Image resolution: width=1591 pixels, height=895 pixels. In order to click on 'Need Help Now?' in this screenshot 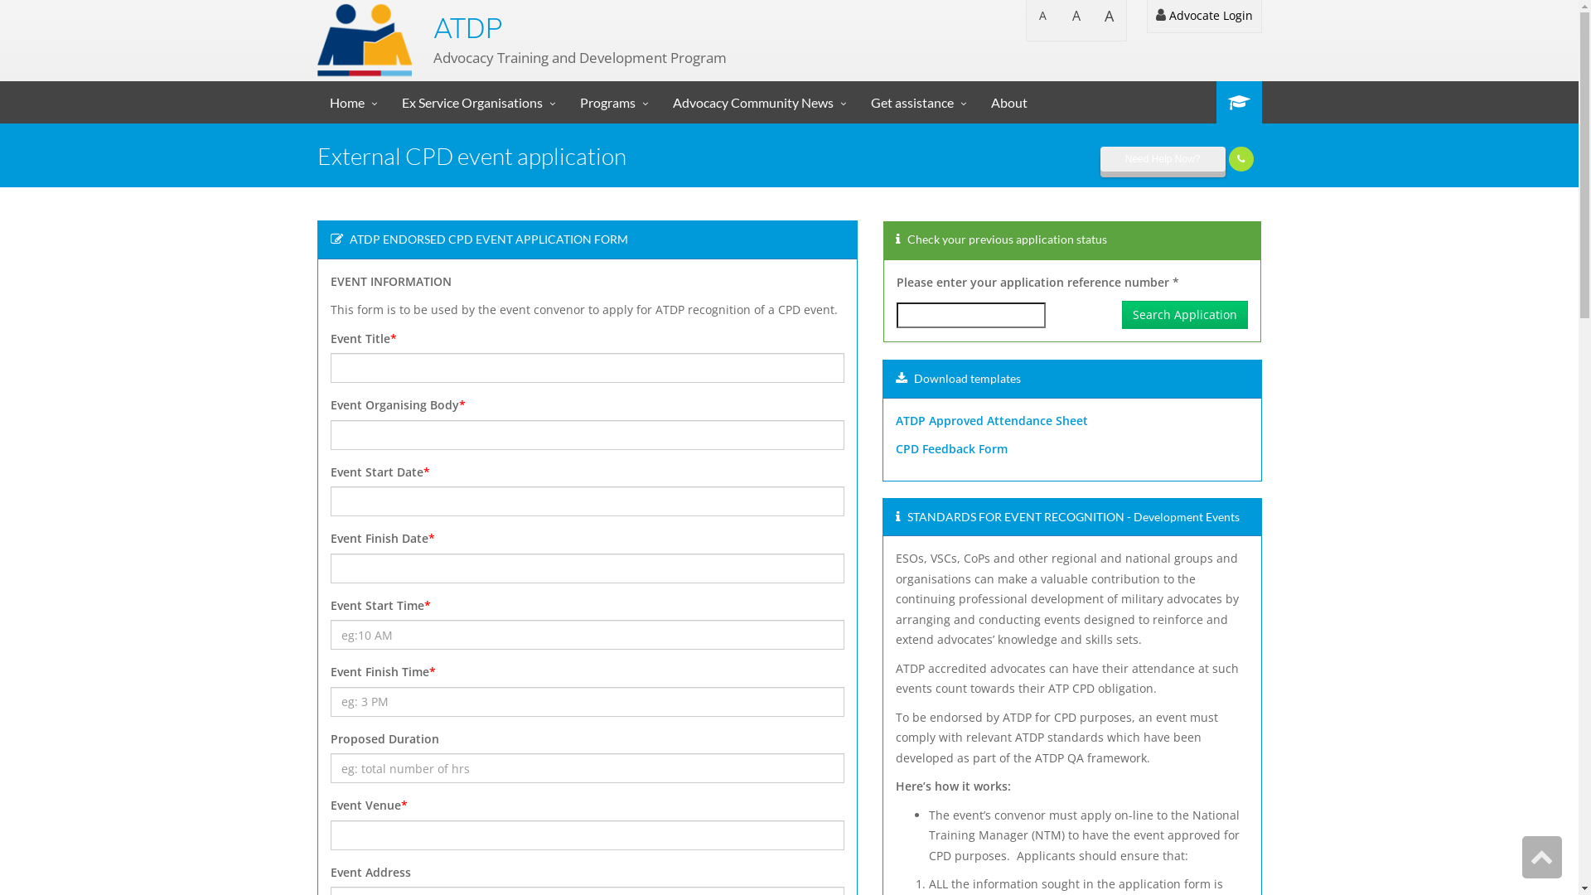, I will do `click(1162, 159)`.